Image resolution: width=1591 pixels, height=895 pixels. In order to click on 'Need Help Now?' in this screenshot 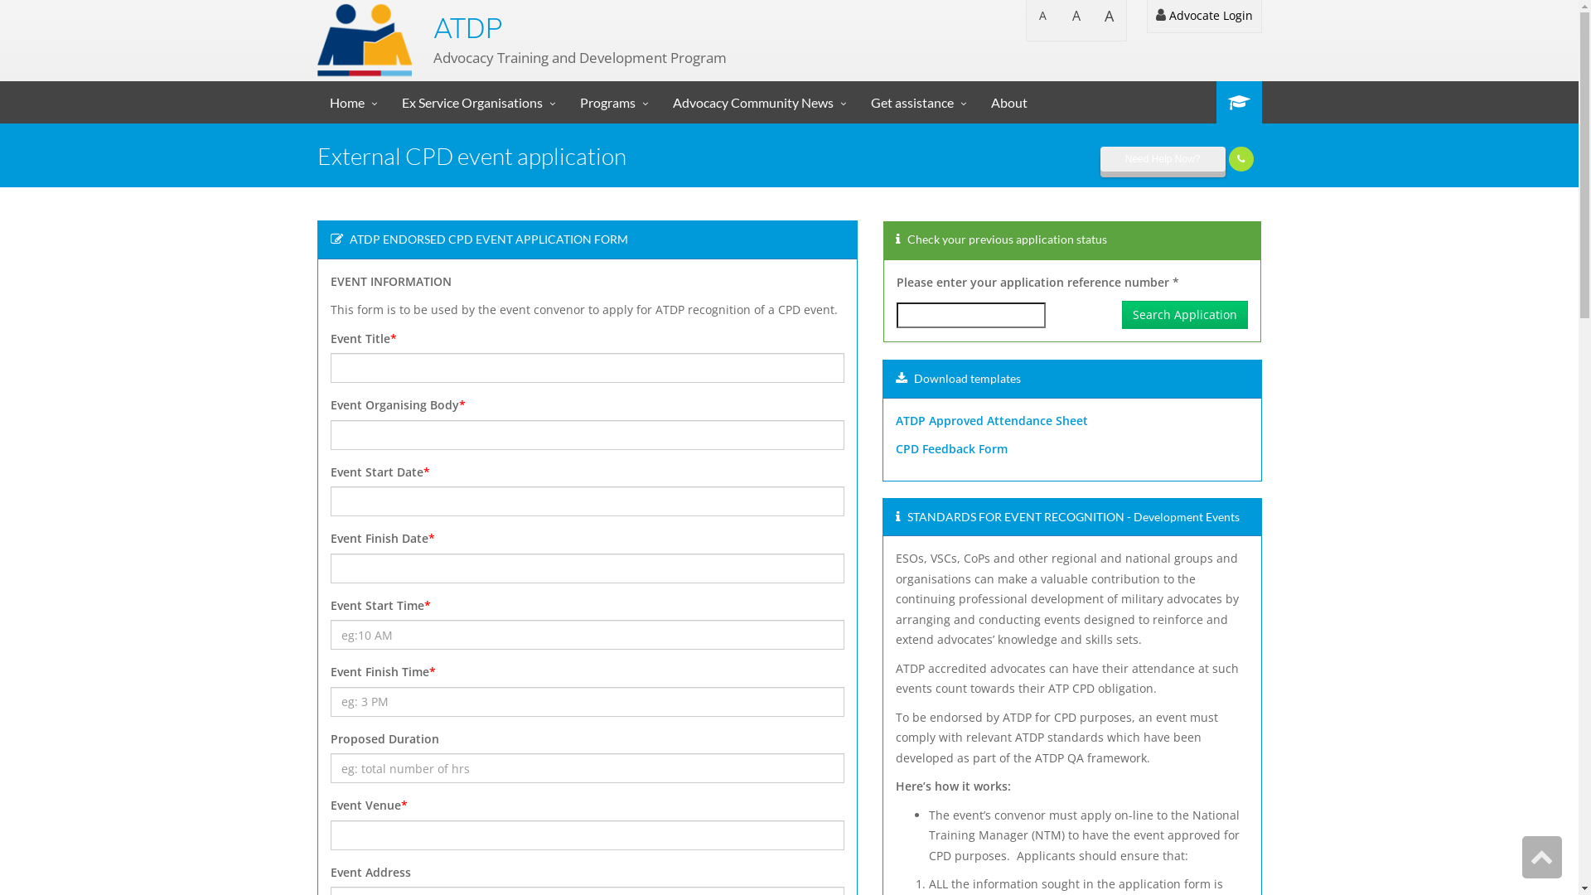, I will do `click(1162, 159)`.